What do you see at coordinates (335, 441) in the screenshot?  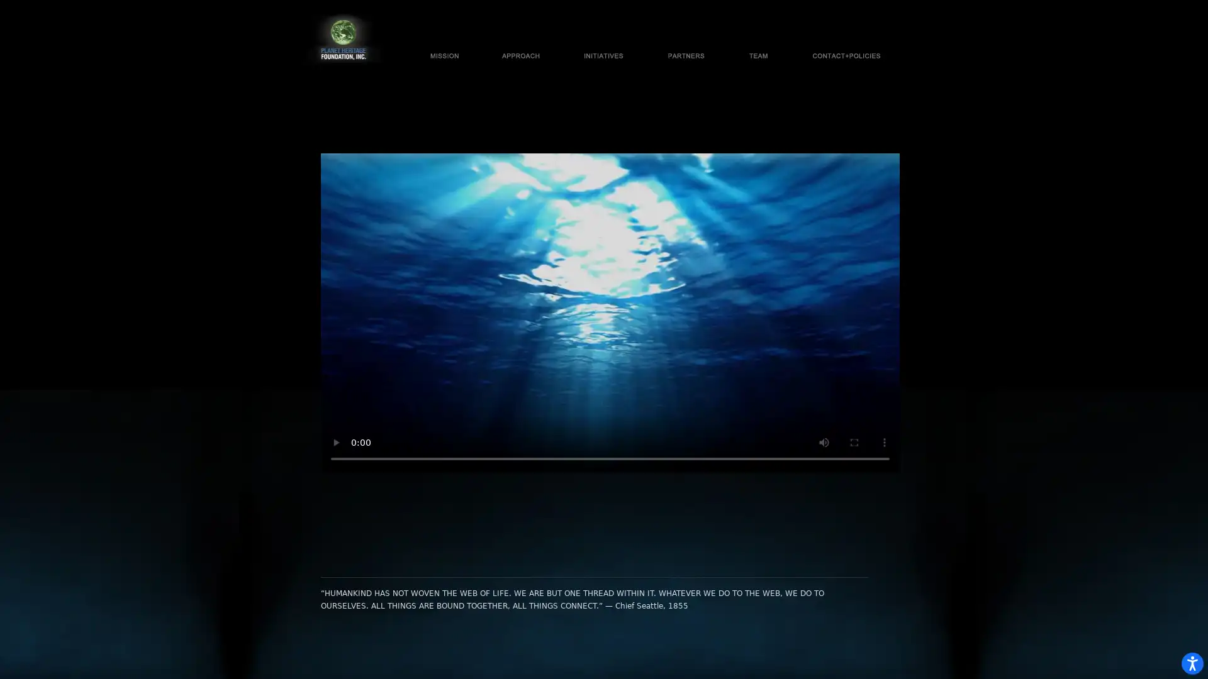 I see `play` at bounding box center [335, 441].